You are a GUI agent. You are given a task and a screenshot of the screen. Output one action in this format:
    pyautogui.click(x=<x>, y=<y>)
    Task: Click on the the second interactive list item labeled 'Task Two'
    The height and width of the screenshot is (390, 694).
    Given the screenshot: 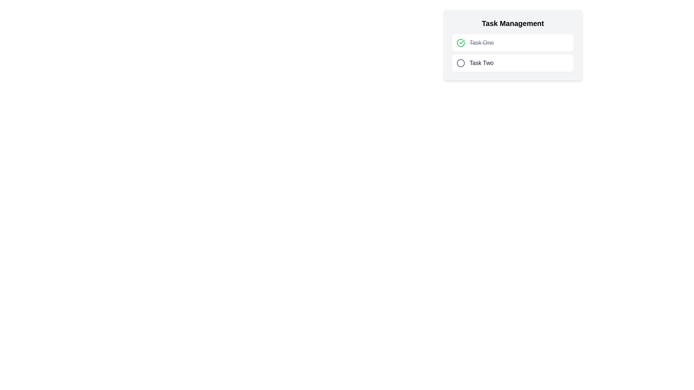 What is the action you would take?
    pyautogui.click(x=513, y=62)
    